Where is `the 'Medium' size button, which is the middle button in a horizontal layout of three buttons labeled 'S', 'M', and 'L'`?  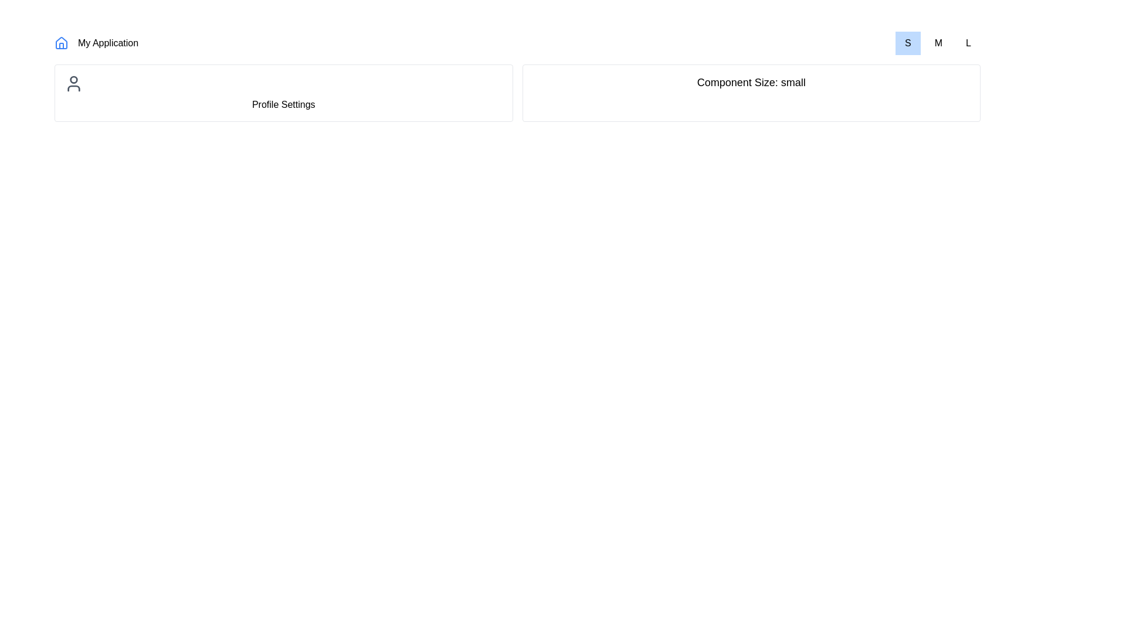 the 'Medium' size button, which is the middle button in a horizontal layout of three buttons labeled 'S', 'M', and 'L' is located at coordinates (938, 42).